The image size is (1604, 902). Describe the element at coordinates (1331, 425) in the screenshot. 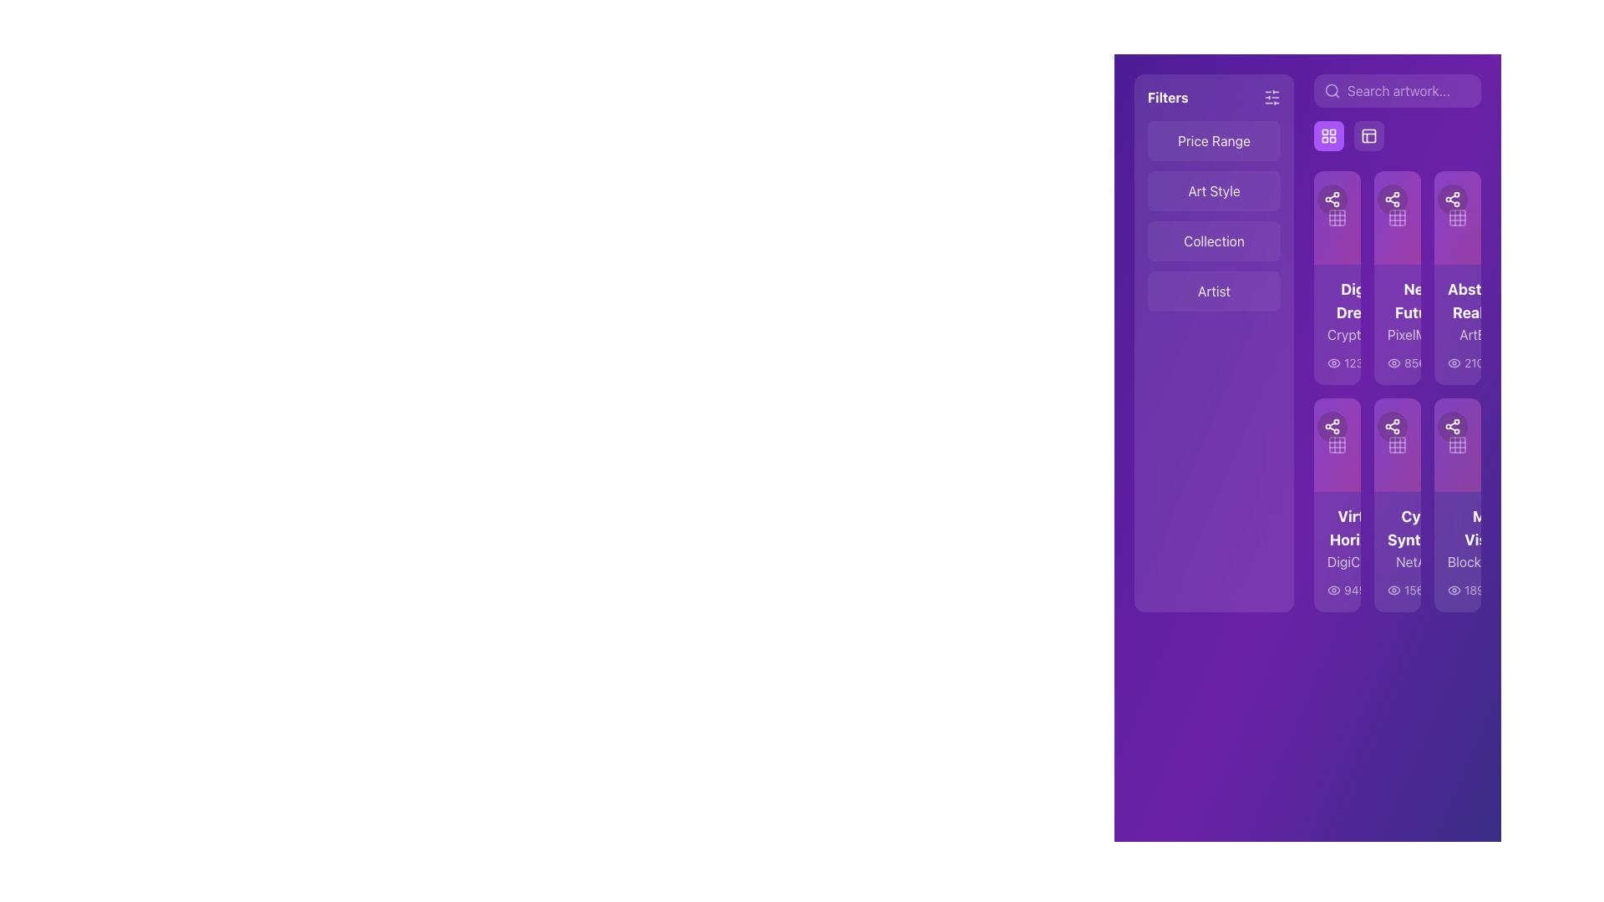

I see `the share icon button, which features a white share symbol on a purple rounded square background, located in the second row, first column of the vertical grid layout` at that location.